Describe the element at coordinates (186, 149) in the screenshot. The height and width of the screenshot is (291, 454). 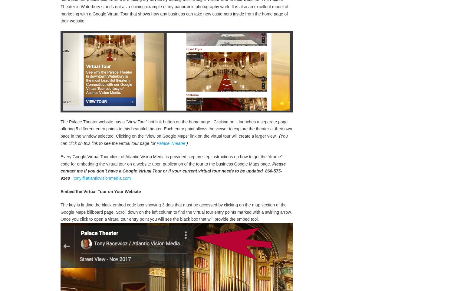
I see `')'` at that location.